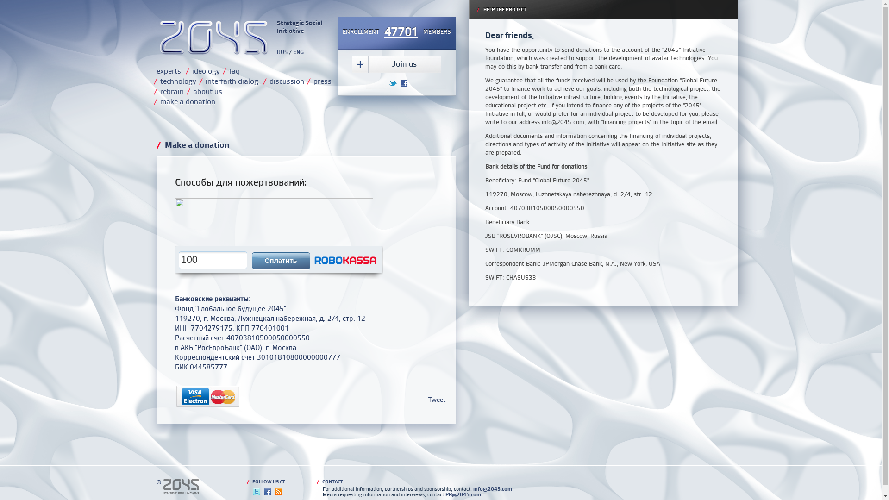 Image resolution: width=889 pixels, height=500 pixels. What do you see at coordinates (317, 481) in the screenshot?
I see `'/ CONTACT:'` at bounding box center [317, 481].